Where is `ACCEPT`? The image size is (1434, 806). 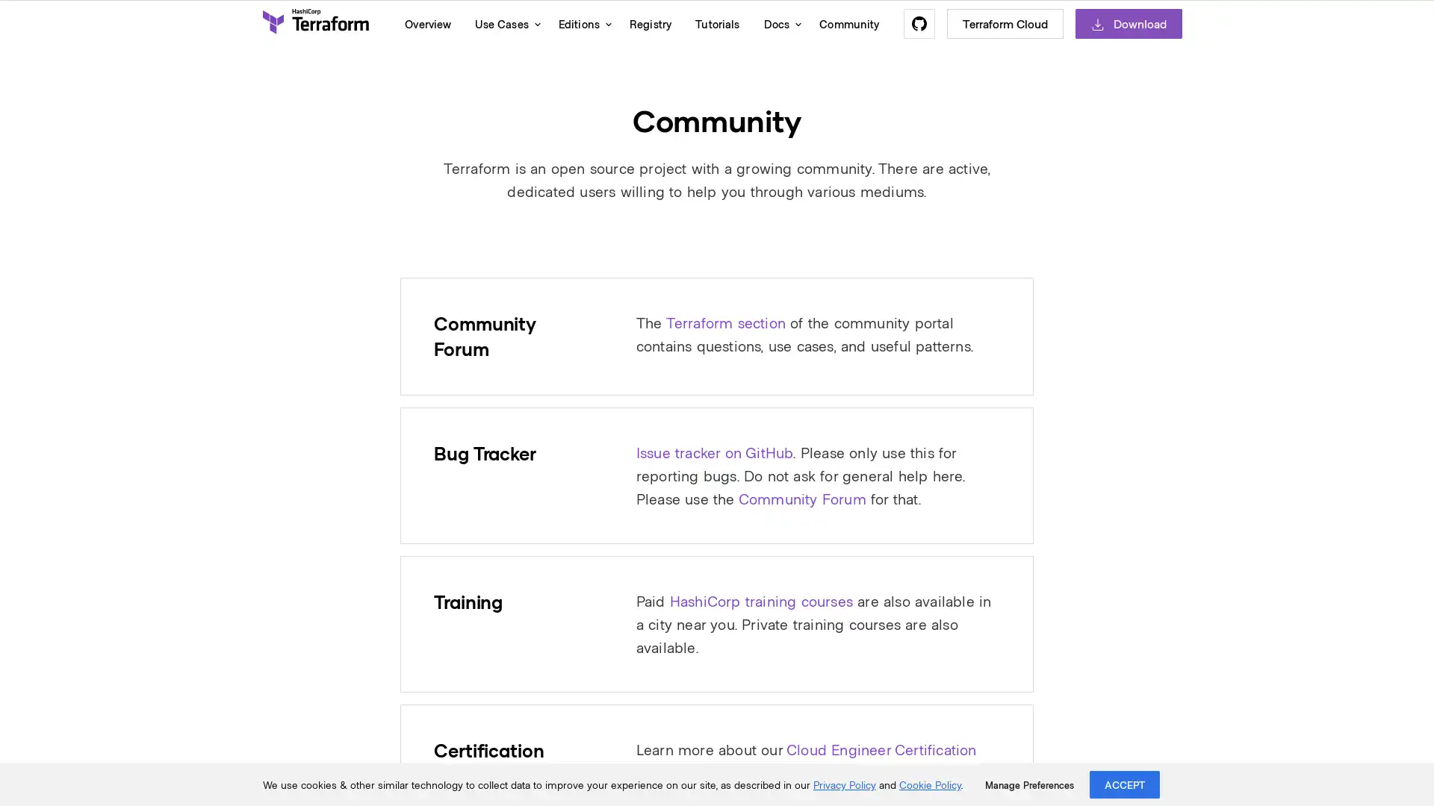 ACCEPT is located at coordinates (1125, 784).